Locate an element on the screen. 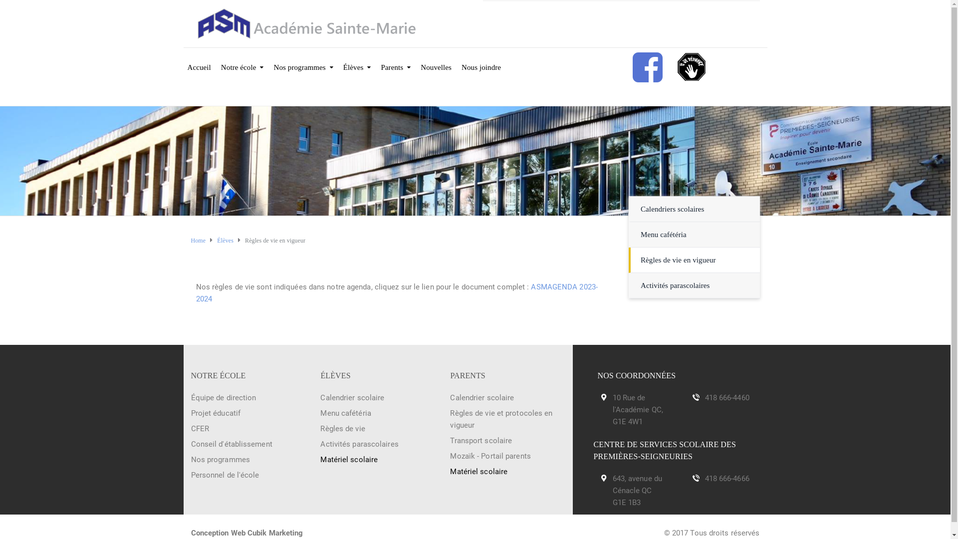 This screenshot has height=539, width=958. 'Nous joindre' is located at coordinates (461, 60).